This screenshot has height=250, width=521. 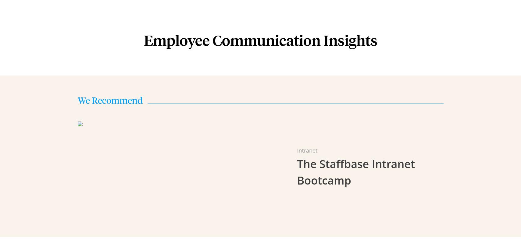 What do you see at coordinates (319, 44) in the screenshot?
I see `'Onboarding & Customer Service'` at bounding box center [319, 44].